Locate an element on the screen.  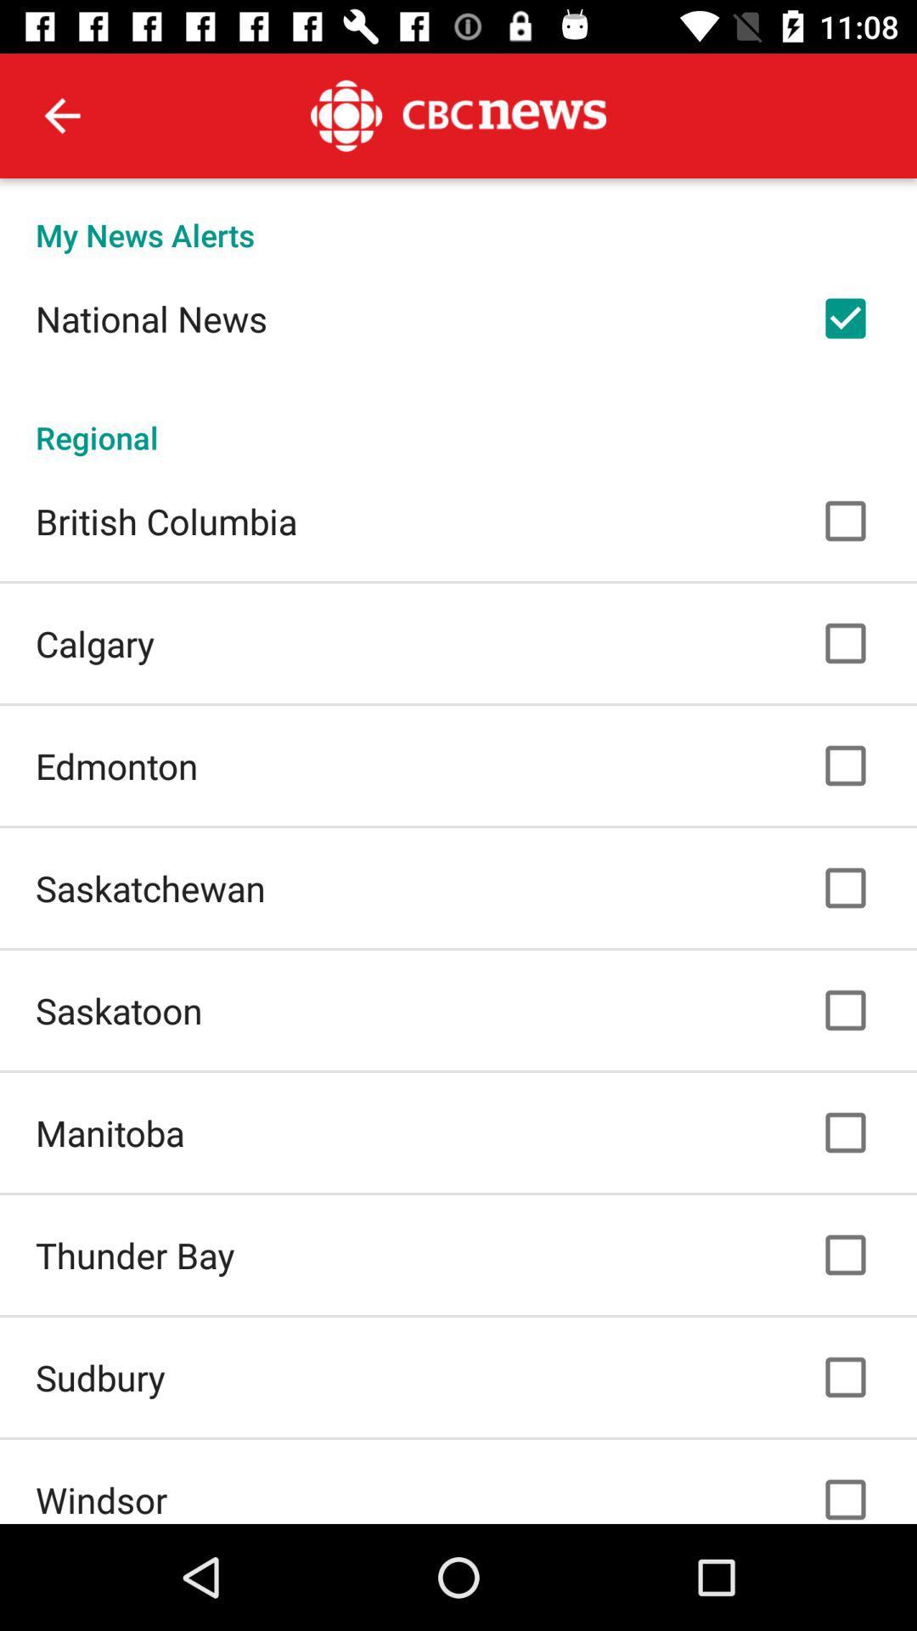
national news icon is located at coordinates (150, 318).